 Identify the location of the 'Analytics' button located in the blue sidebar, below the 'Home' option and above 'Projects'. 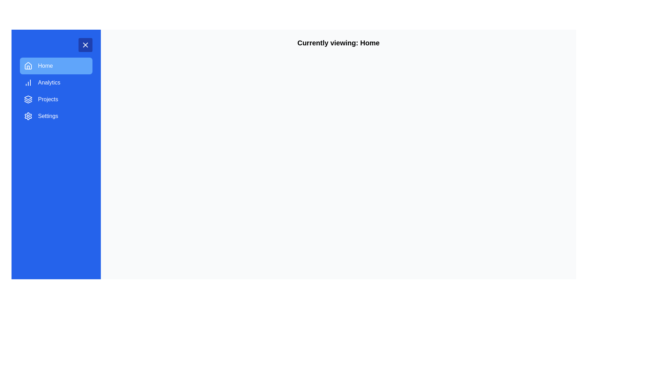
(56, 82).